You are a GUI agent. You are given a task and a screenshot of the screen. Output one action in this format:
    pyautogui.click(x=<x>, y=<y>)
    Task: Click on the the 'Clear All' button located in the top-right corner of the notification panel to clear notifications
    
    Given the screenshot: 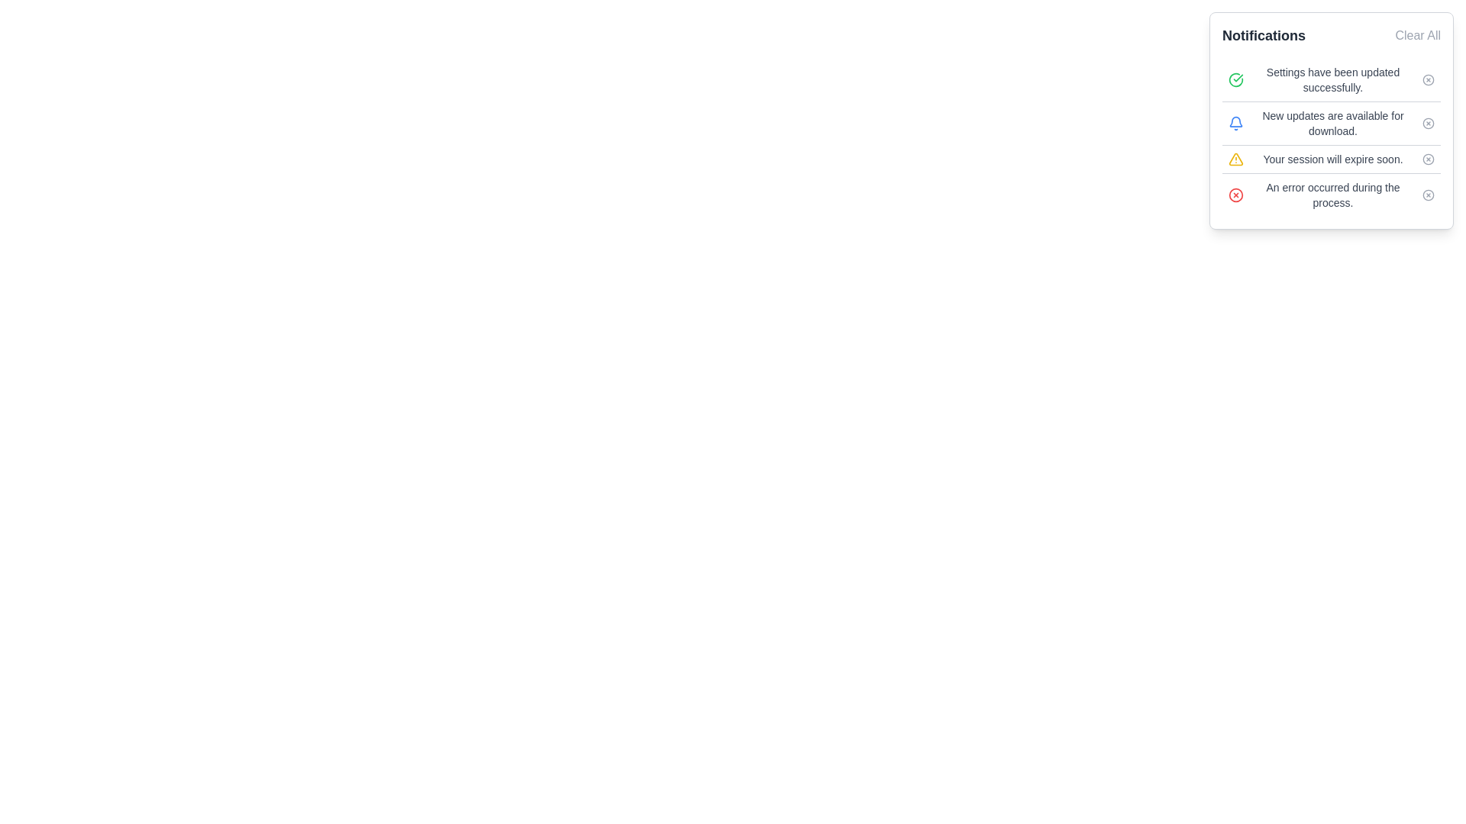 What is the action you would take?
    pyautogui.click(x=1417, y=34)
    